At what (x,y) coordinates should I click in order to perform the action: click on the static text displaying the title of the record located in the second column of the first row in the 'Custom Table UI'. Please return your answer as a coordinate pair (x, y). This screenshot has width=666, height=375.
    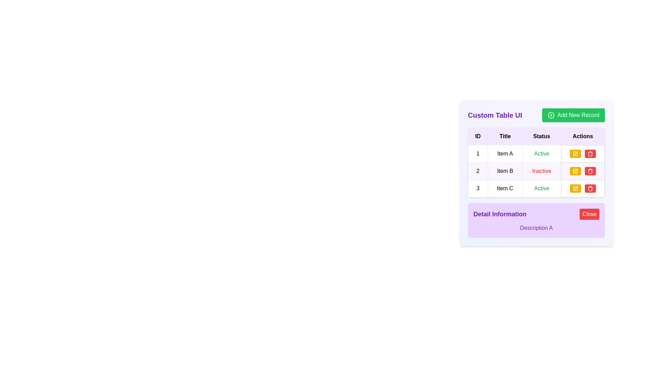
    Looking at the image, I should click on (505, 153).